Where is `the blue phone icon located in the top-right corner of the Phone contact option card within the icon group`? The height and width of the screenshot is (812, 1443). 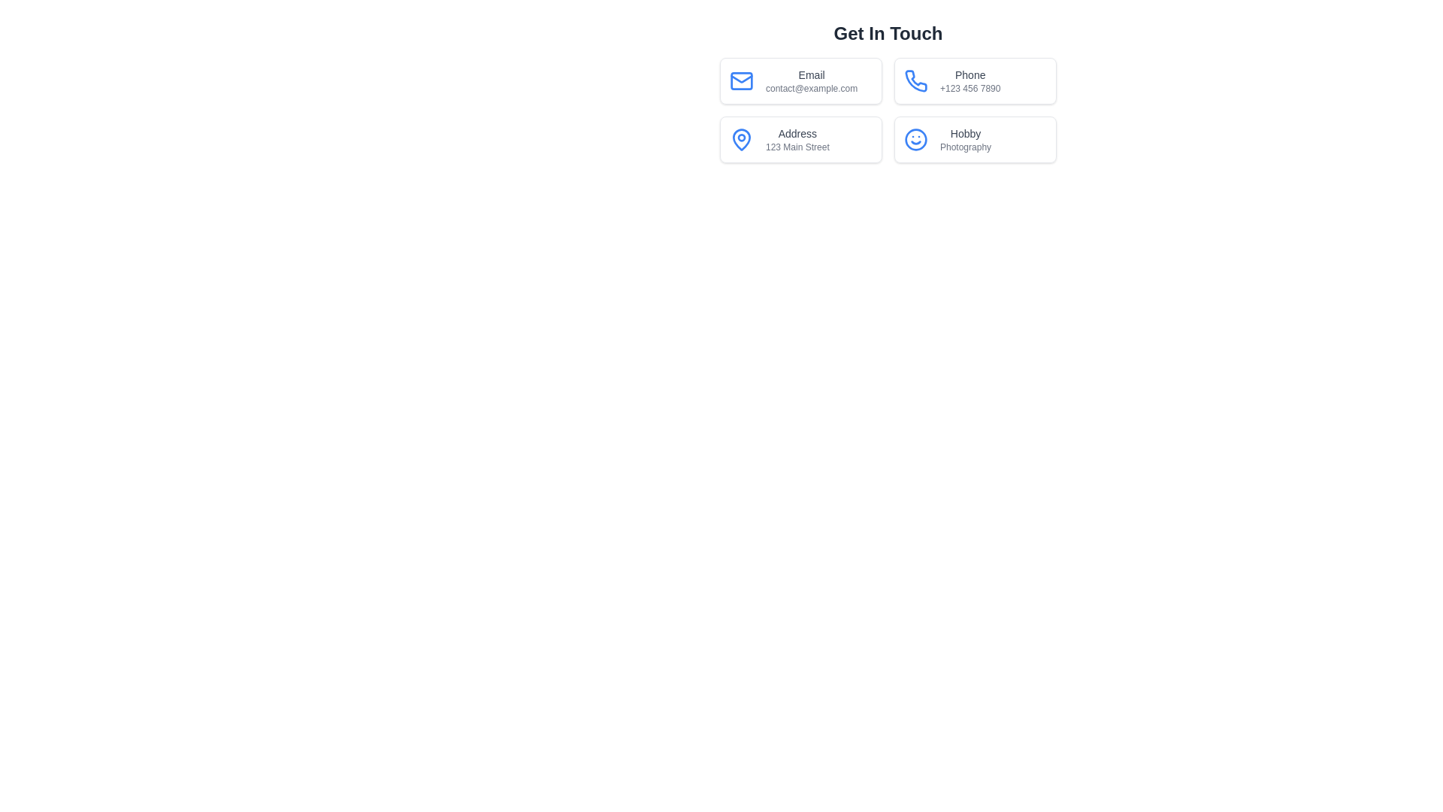 the blue phone icon located in the top-right corner of the Phone contact option card within the icon group is located at coordinates (915, 80).